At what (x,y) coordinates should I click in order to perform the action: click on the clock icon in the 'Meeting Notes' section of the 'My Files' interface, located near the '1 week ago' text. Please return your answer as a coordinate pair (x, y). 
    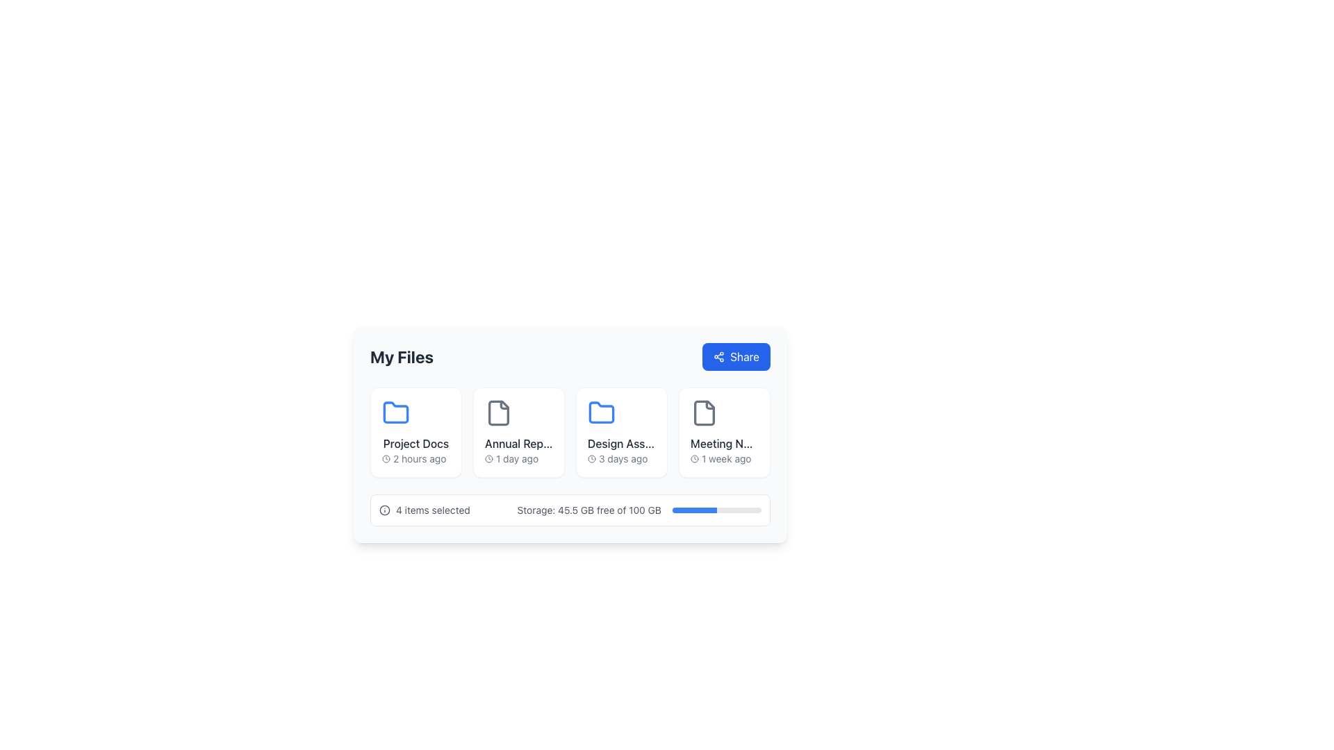
    Looking at the image, I should click on (694, 458).